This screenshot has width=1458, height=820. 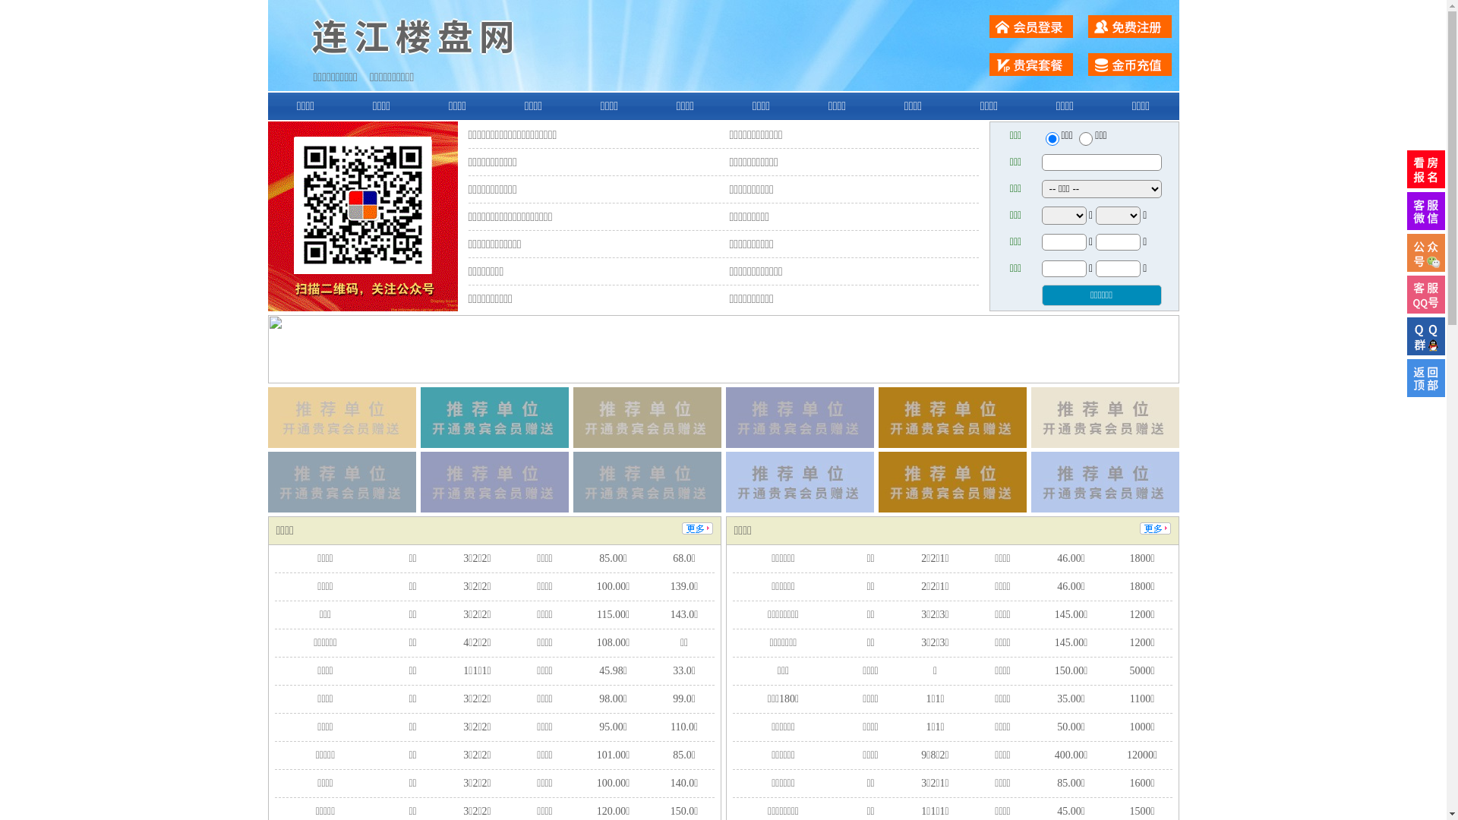 I want to click on 'ershou', so click(x=1051, y=138).